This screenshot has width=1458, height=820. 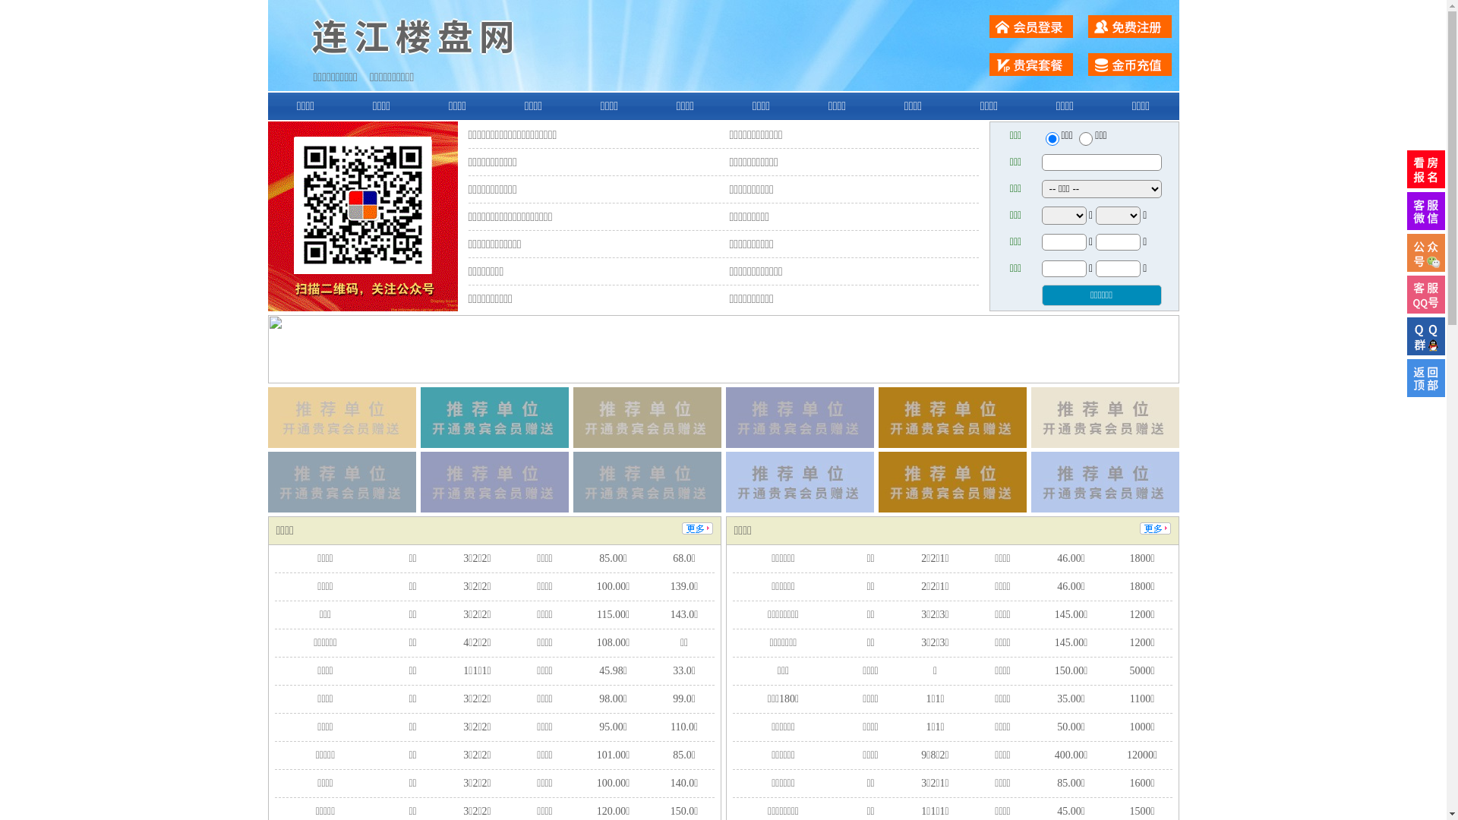 I want to click on 'ershou', so click(x=1051, y=138).